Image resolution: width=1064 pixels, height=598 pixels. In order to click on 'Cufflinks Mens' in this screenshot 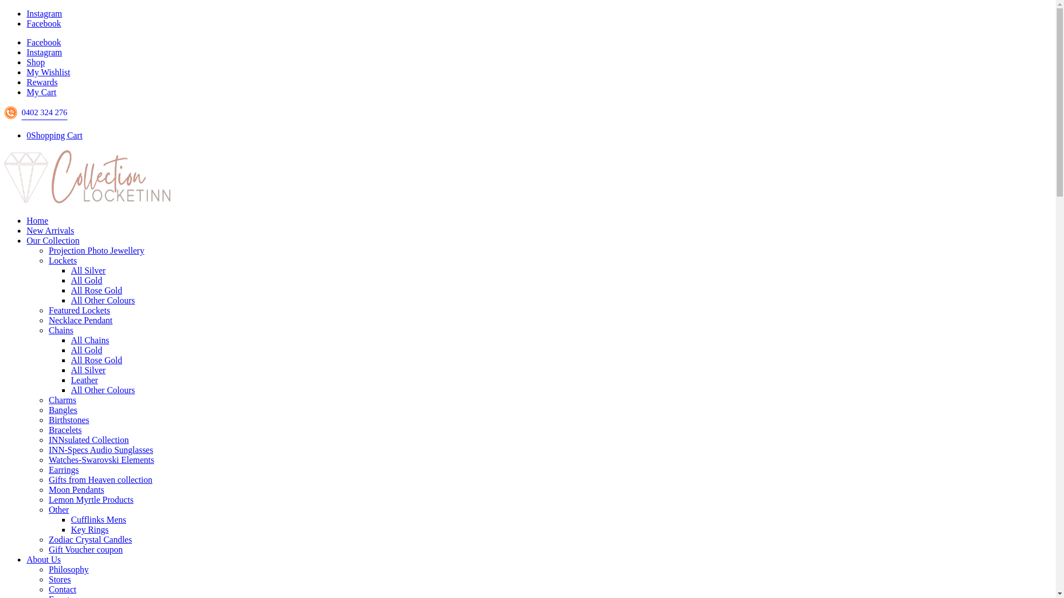, I will do `click(98, 519)`.